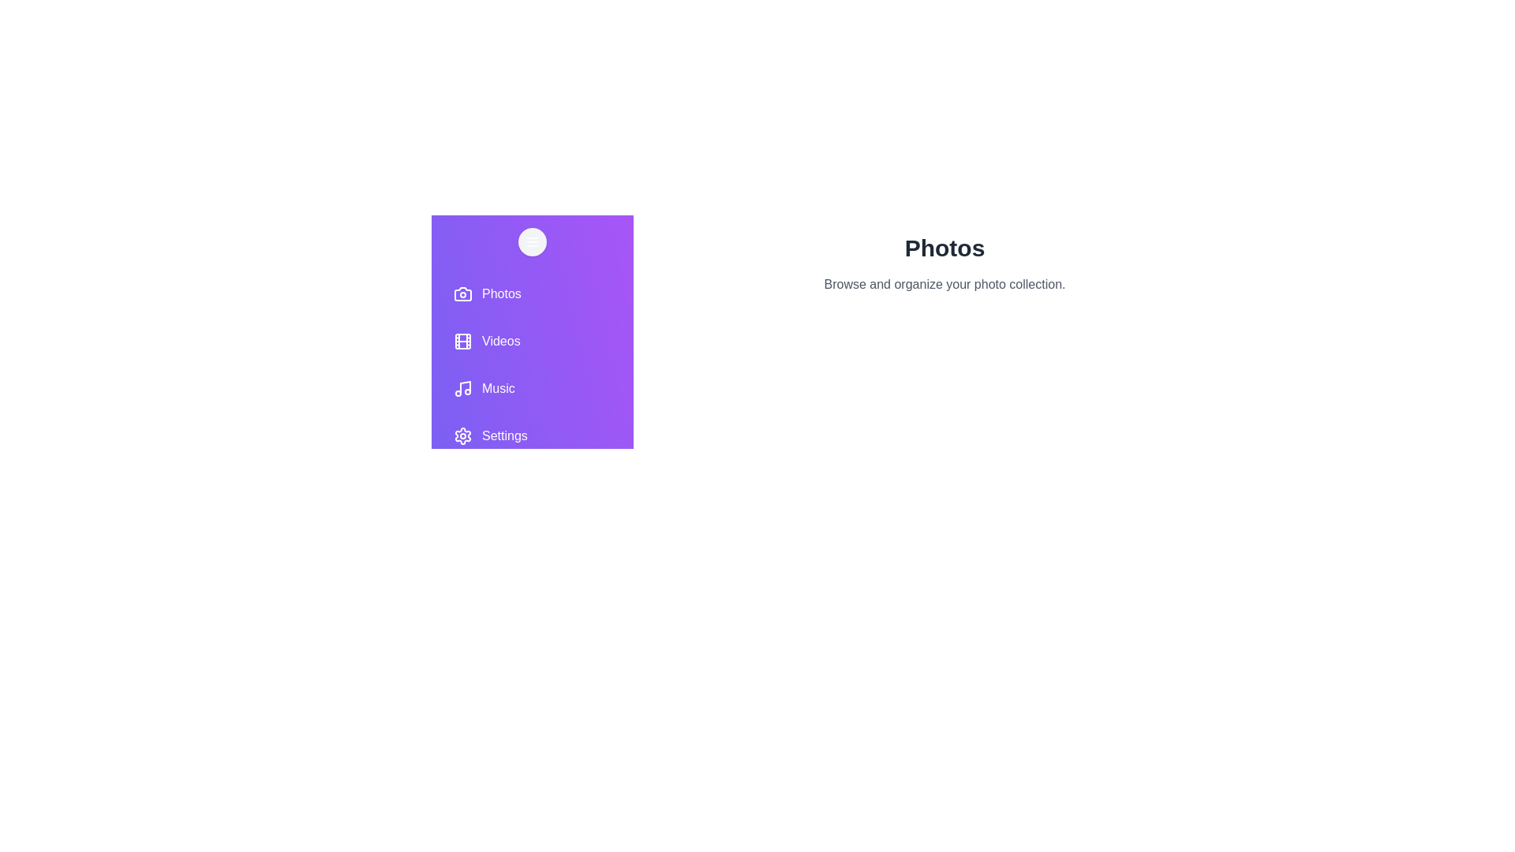 This screenshot has width=1515, height=852. Describe the element at coordinates (533, 340) in the screenshot. I see `the Videos tab to view its contents` at that location.